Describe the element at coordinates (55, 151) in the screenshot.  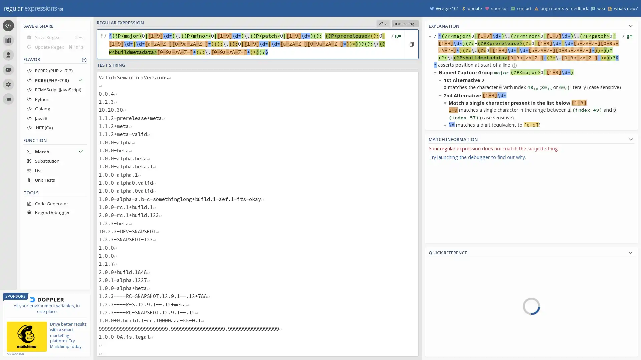
I see `Match` at that location.